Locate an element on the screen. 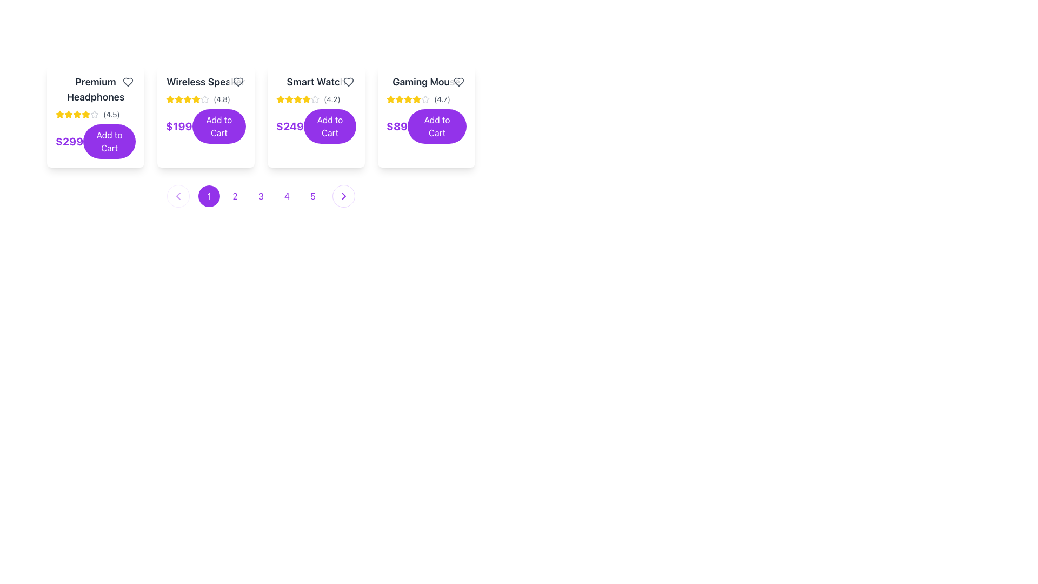 This screenshot has height=584, width=1038. the third decorative rating star icon below the title 'Wireless Speakers' to interact with the rating system is located at coordinates (170, 99).